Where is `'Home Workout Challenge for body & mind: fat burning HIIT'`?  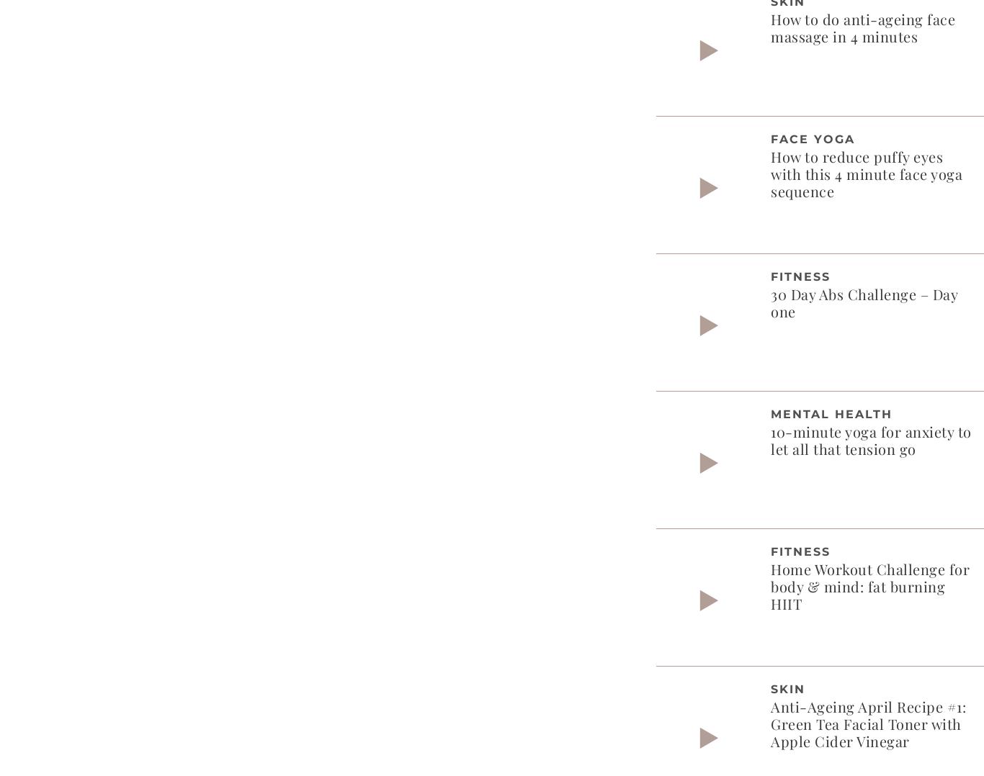 'Home Workout Challenge for body & mind: fat burning HIIT' is located at coordinates (869, 585).